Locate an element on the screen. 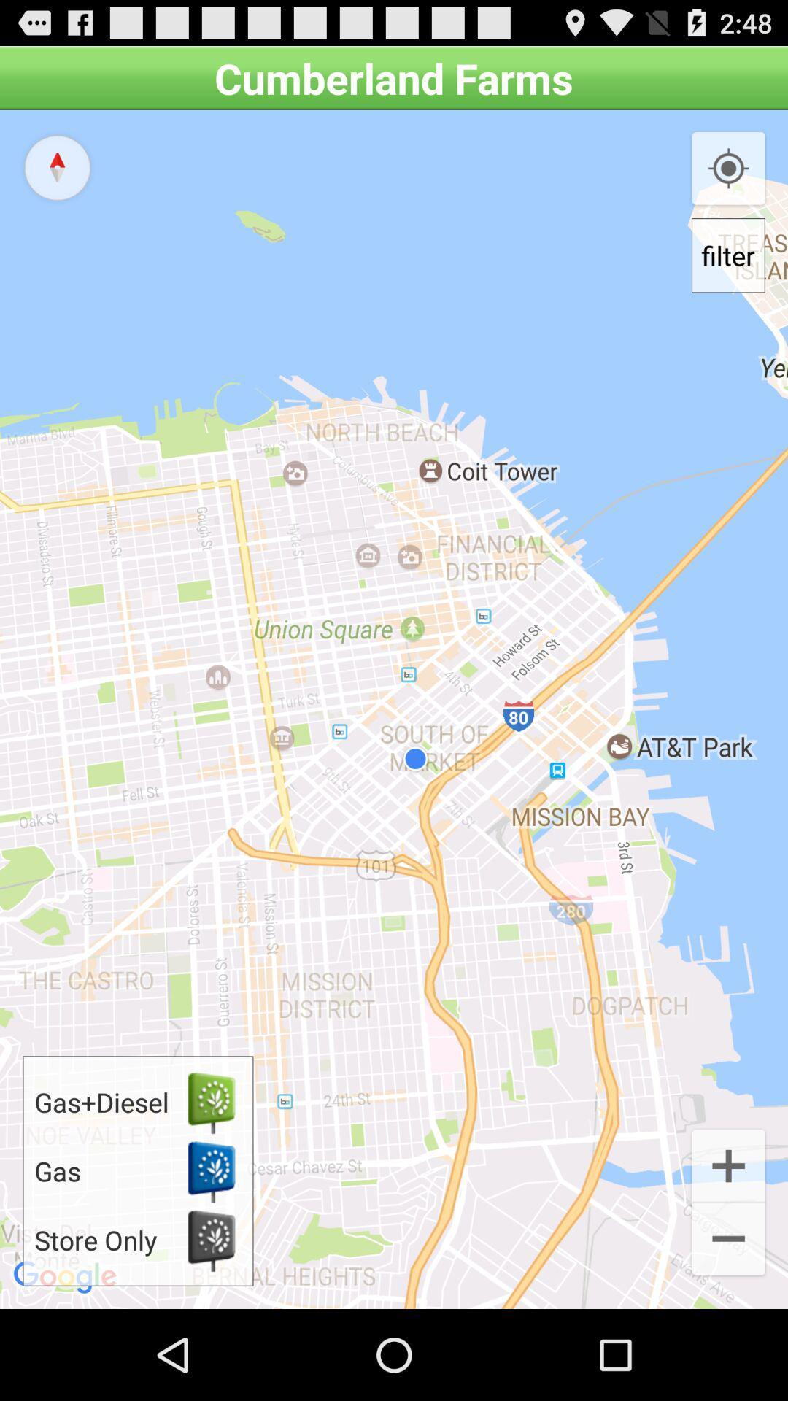  the navigation button on the web page is located at coordinates (56, 167).